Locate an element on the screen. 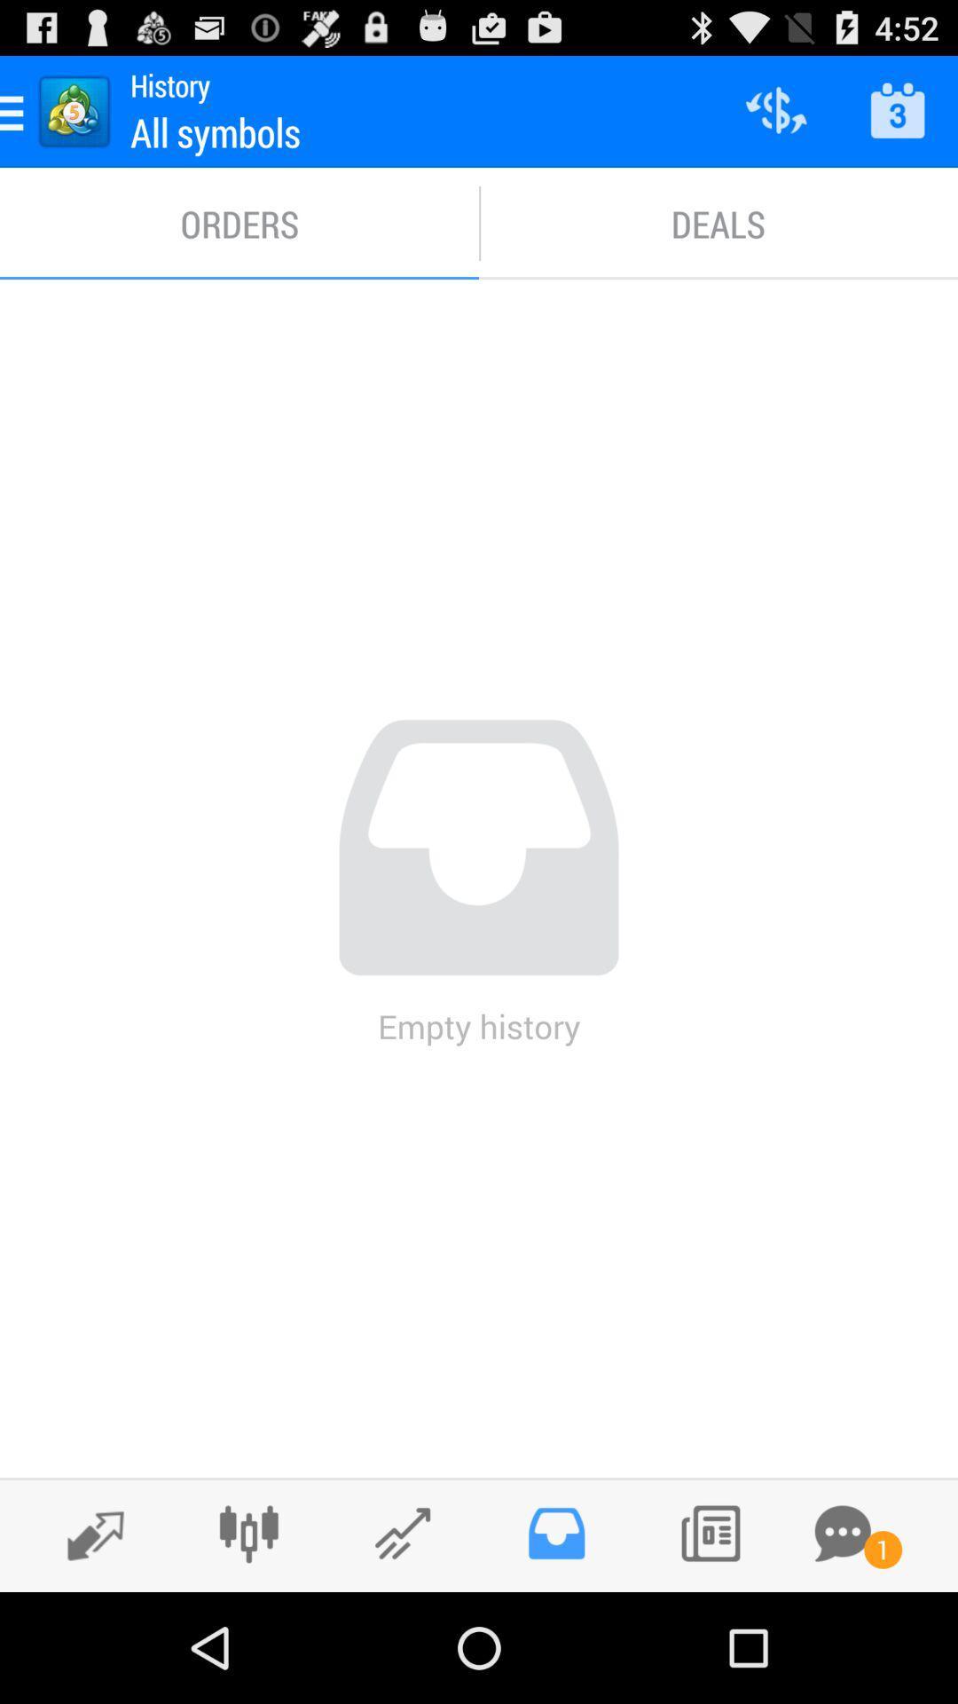 The height and width of the screenshot is (1704, 958). the orders icon is located at coordinates (239, 223).